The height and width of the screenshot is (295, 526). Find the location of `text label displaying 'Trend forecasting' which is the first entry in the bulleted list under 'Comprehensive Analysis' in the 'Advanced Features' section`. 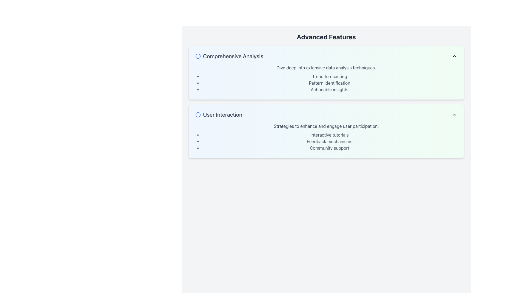

text label displaying 'Trend forecasting' which is the first entry in the bulleted list under 'Comprehensive Analysis' in the 'Advanced Features' section is located at coordinates (329, 76).